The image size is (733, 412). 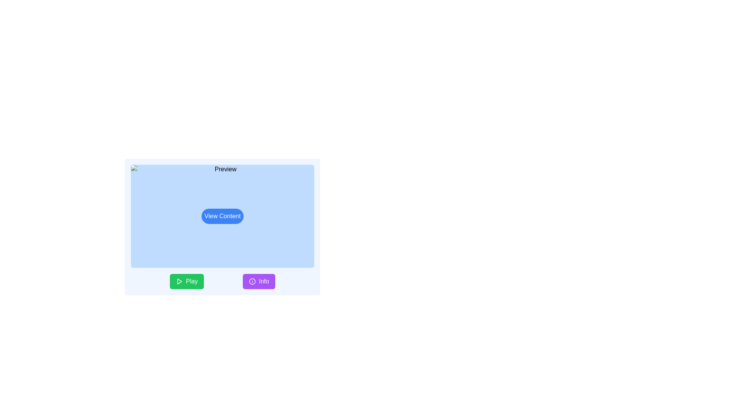 What do you see at coordinates (252, 281) in the screenshot?
I see `the 'i' SVG icon within the purple 'Info' button located at the lower right of the interface beside the 'Play' button` at bounding box center [252, 281].